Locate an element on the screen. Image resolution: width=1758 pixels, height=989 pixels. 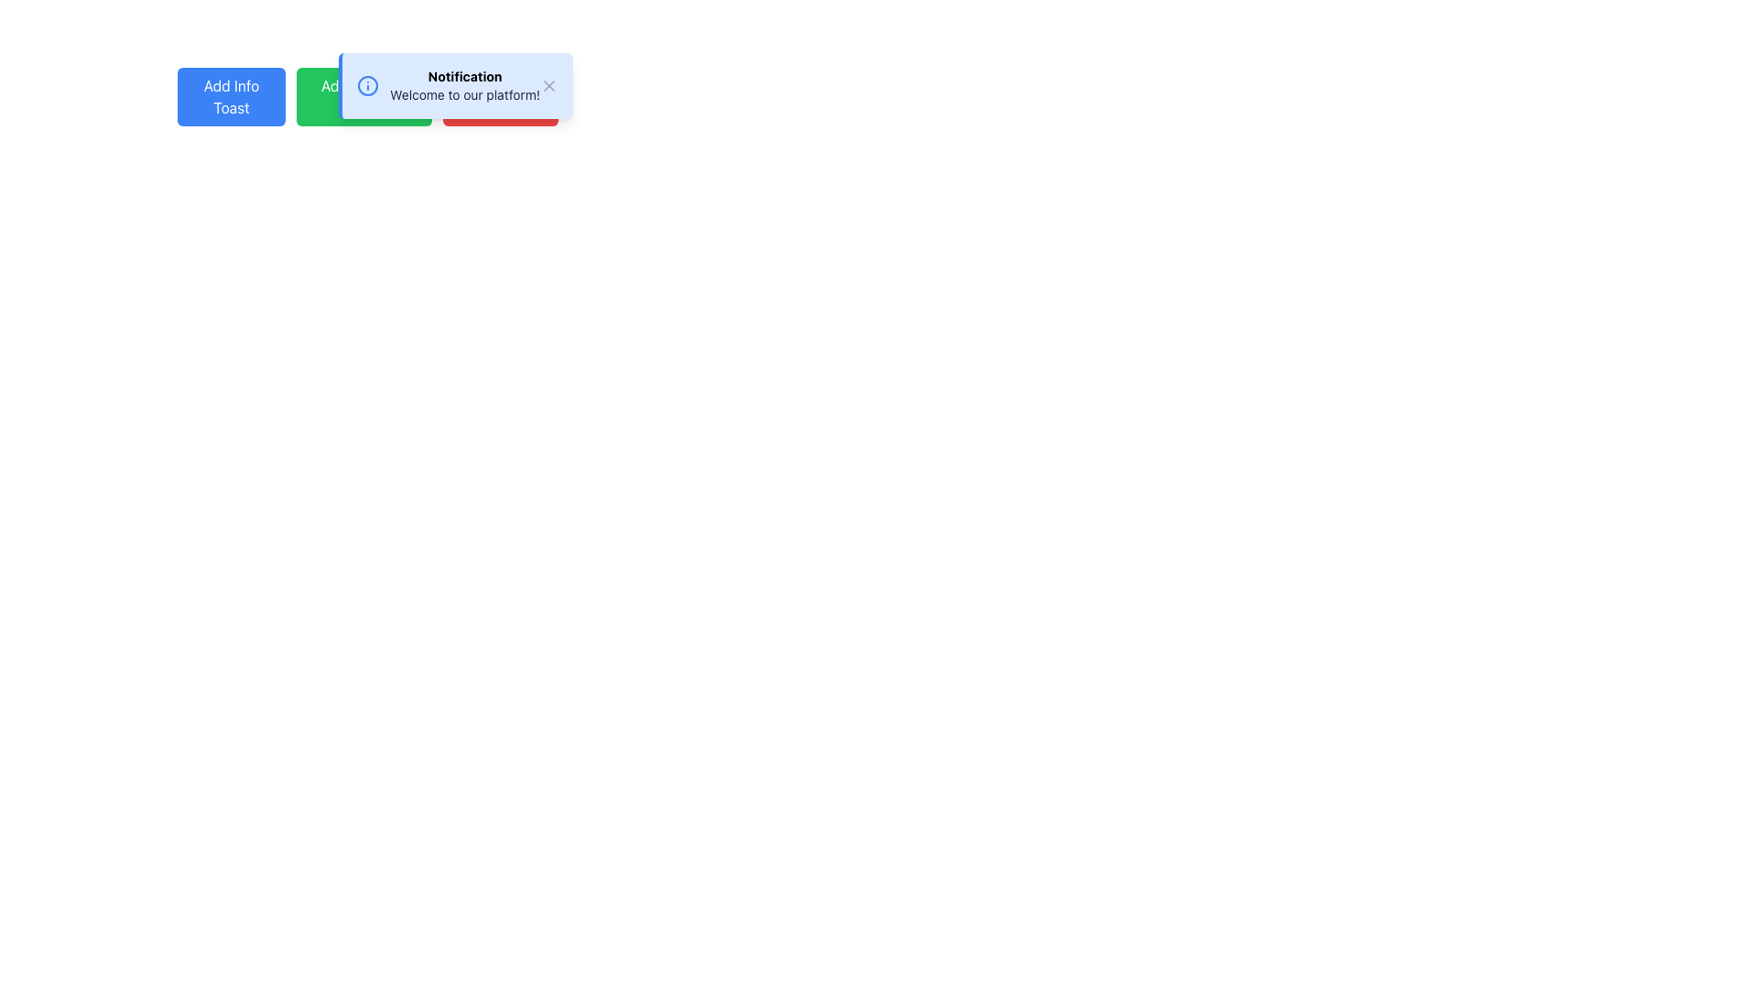
the green rectangular button labeled 'Add Success Toast' is located at coordinates (364, 96).